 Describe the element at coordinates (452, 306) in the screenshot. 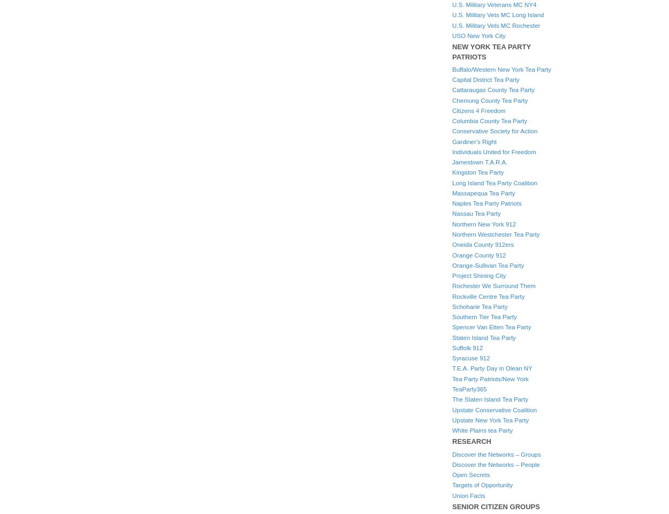

I see `'Schoharie Tea Party'` at that location.